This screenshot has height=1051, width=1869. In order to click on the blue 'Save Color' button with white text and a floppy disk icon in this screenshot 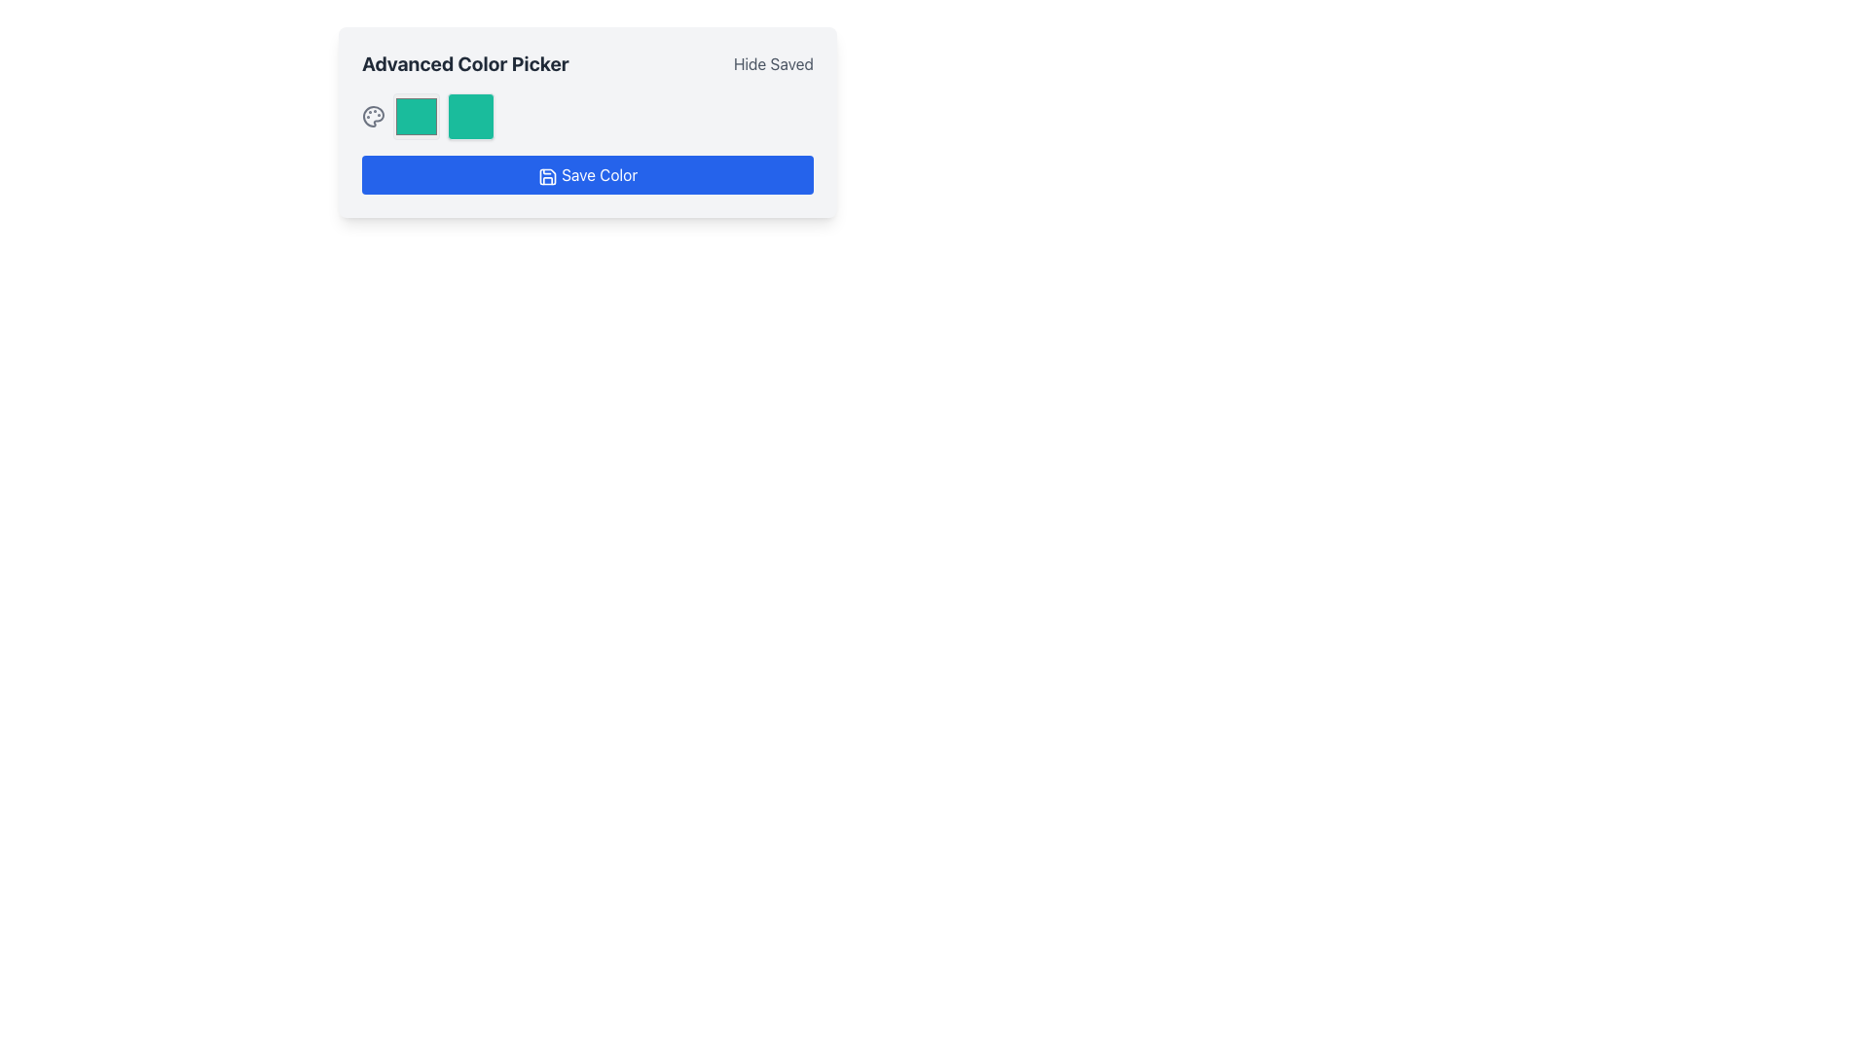, I will do `click(587, 175)`.